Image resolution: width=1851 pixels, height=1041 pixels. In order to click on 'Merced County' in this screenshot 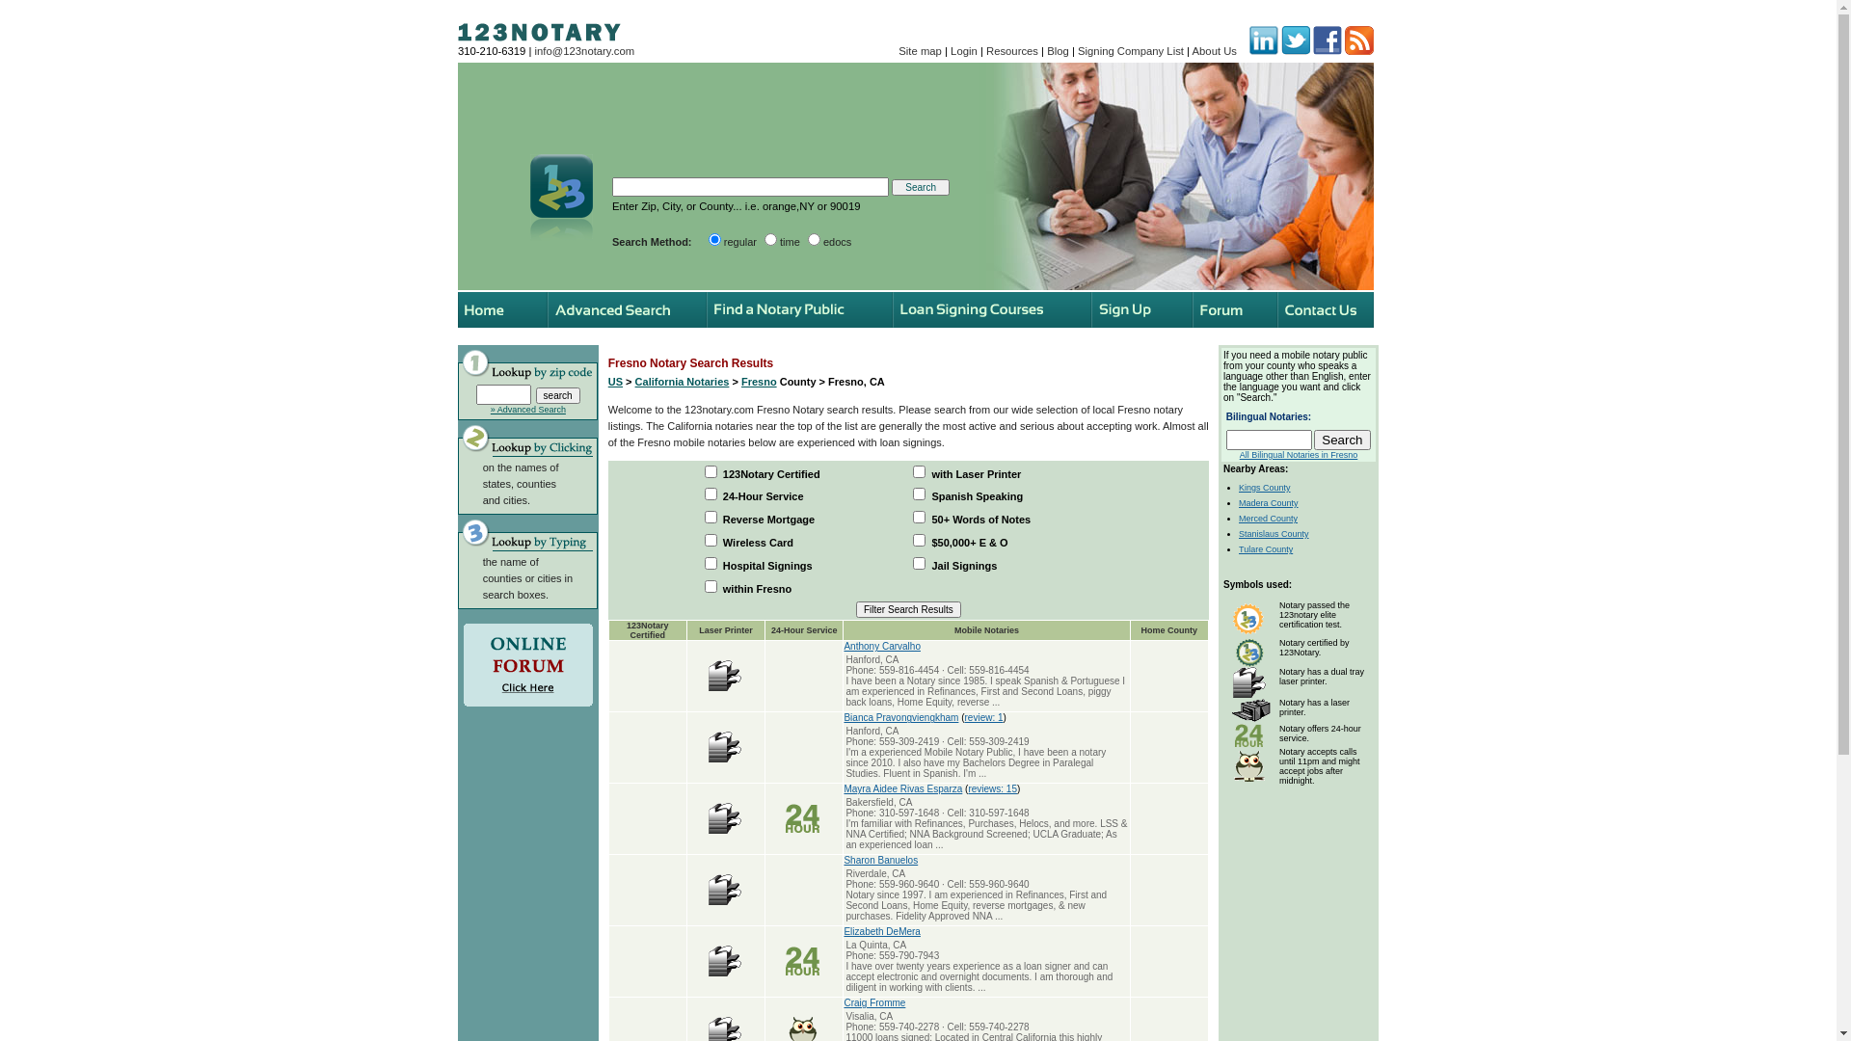, I will do `click(1268, 517)`.